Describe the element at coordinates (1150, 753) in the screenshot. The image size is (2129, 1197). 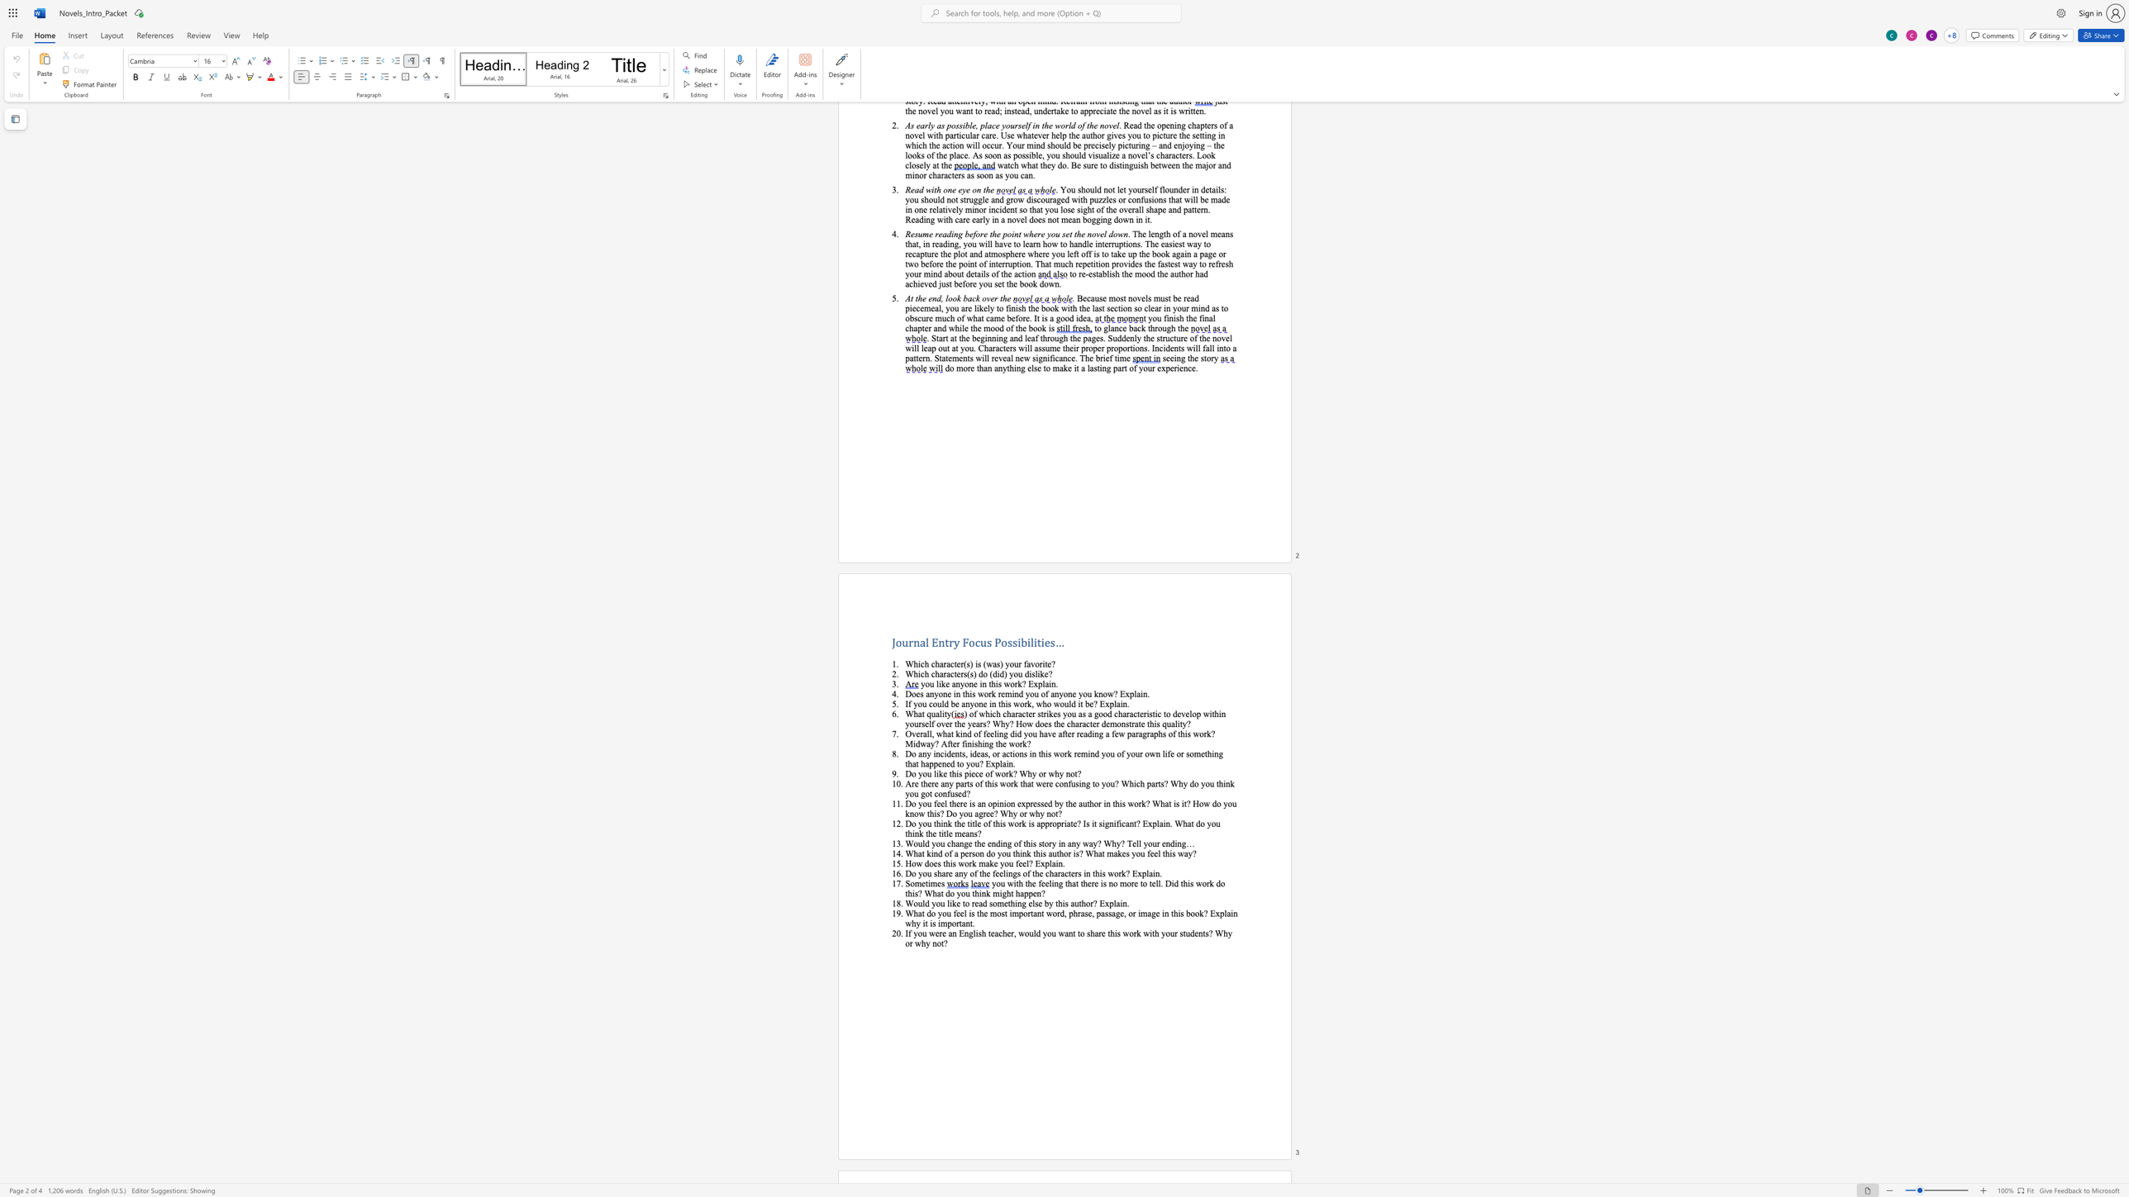
I see `the space between the continuous character "o" and "w" in the text` at that location.